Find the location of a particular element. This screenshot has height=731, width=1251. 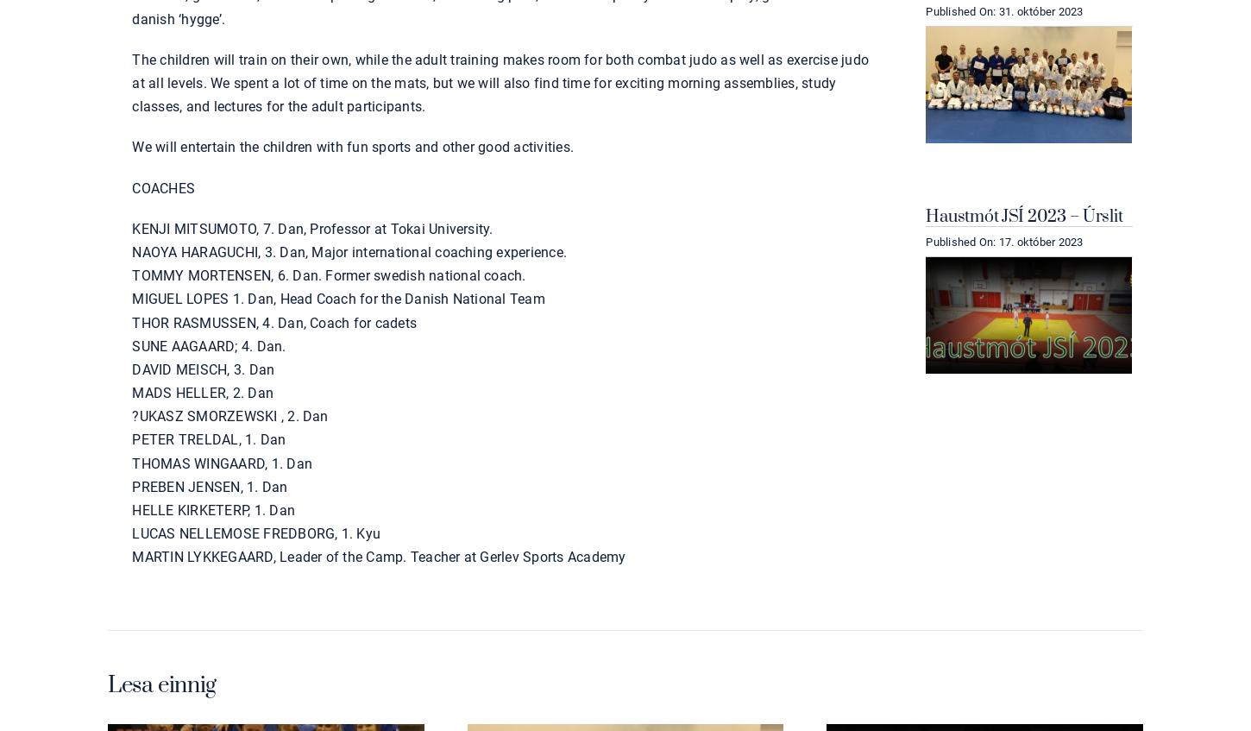

'KENJI MITSUMOTO, 7. Dan, Professor at Tokai University.' is located at coordinates (312, 227).